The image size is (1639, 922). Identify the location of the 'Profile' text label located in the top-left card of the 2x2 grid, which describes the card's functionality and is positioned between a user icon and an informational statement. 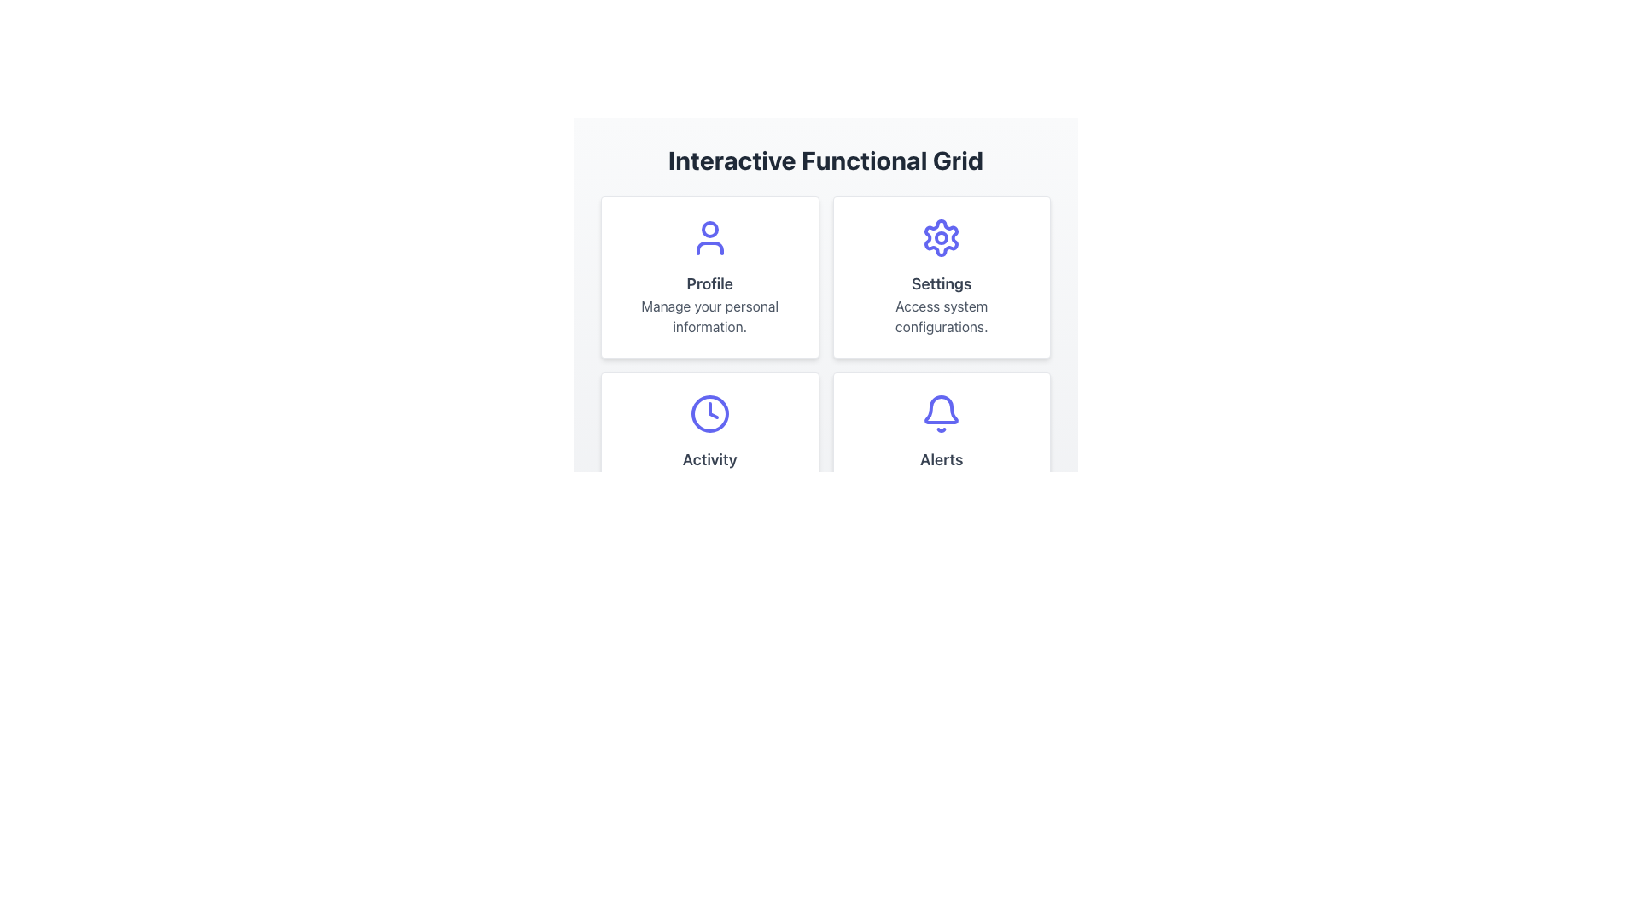
(709, 283).